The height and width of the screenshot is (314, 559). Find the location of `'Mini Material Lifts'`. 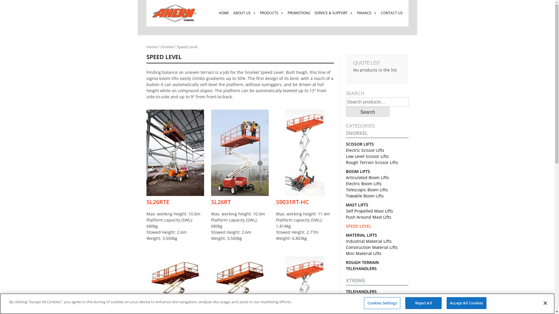

'Mini Material Lifts' is located at coordinates (363, 253).